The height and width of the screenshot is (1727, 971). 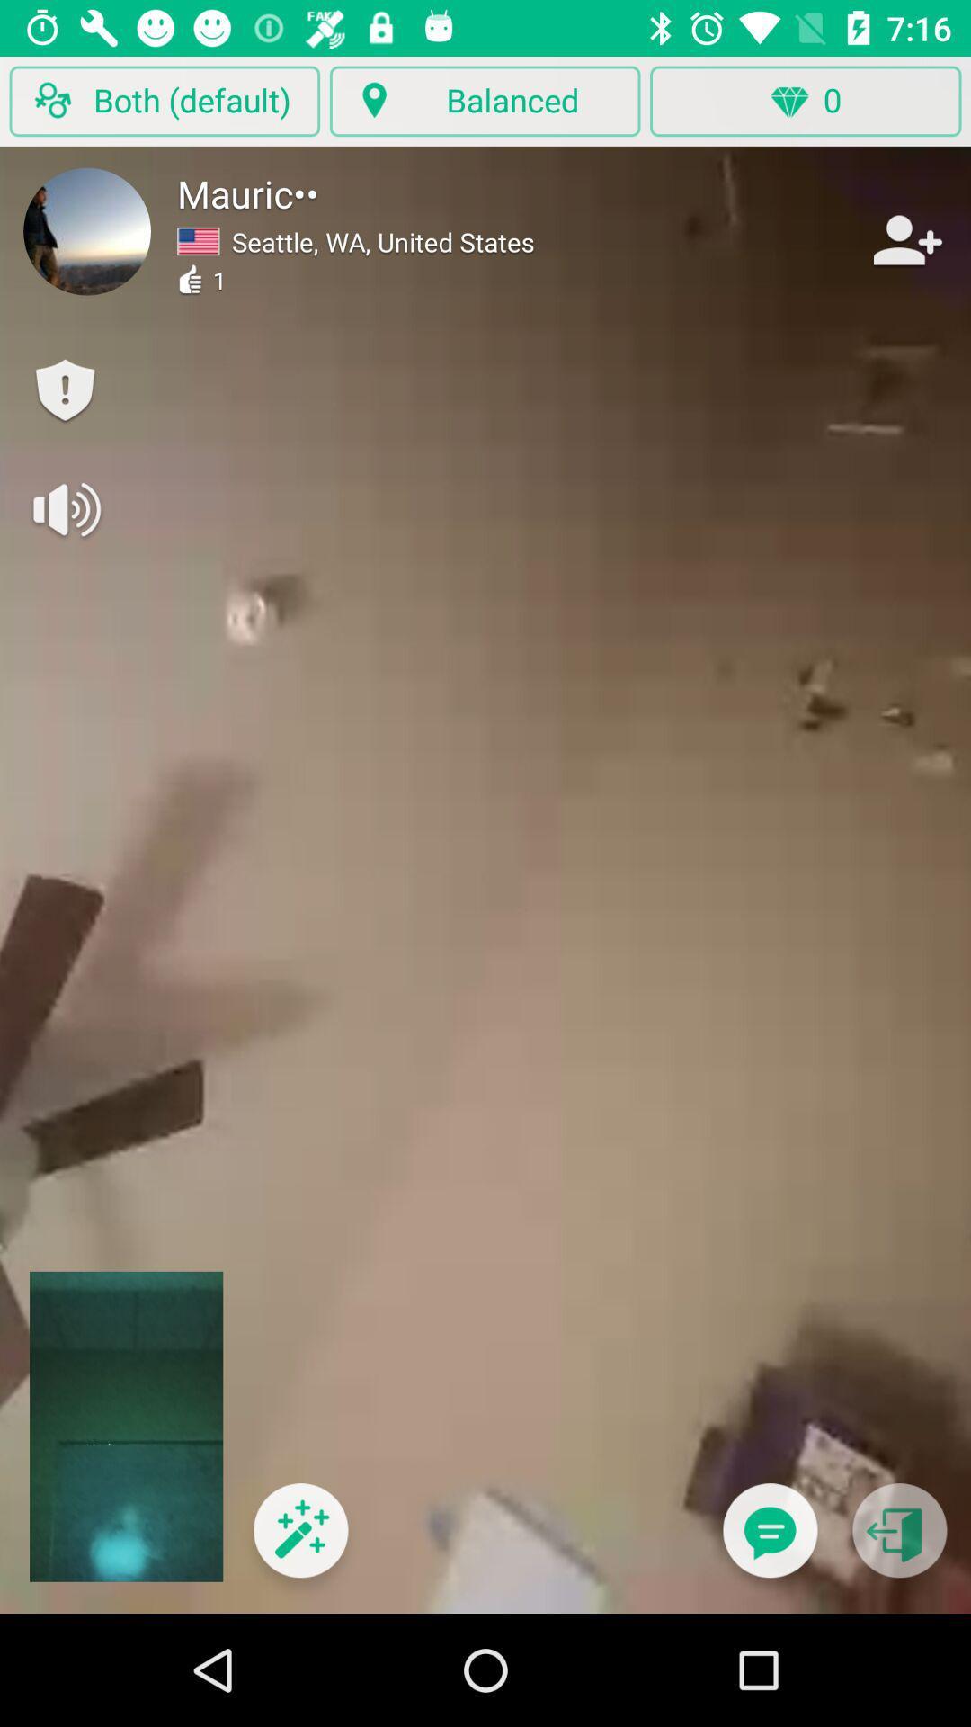 I want to click on the avatar icon, so click(x=87, y=230).